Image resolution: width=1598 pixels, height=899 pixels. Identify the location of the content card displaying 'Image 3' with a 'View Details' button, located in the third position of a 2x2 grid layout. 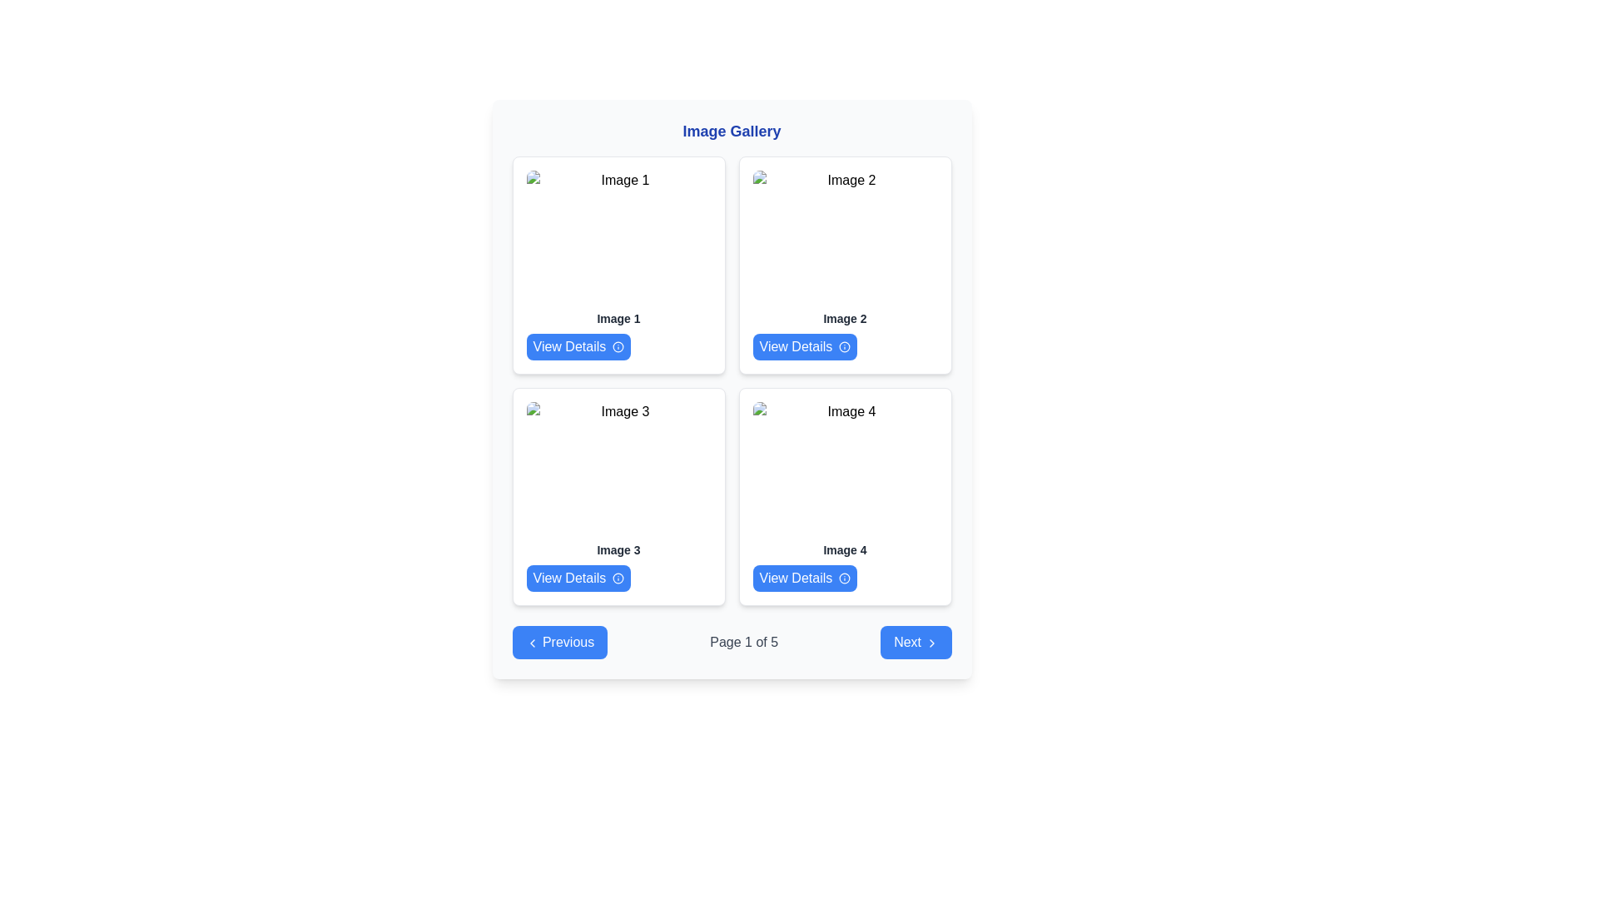
(618, 496).